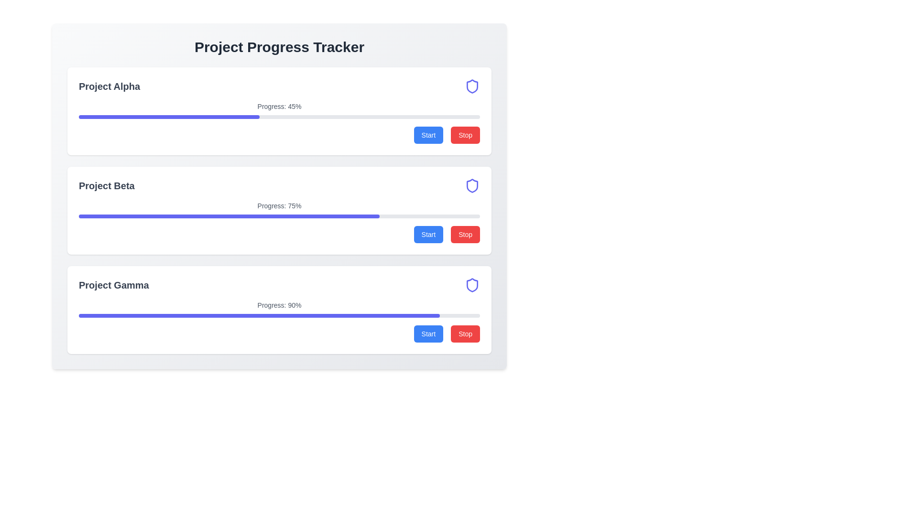 The width and height of the screenshot is (918, 516). Describe the element at coordinates (279, 216) in the screenshot. I see `the progress bar representing 'Project Beta' which shows 75% completion, located below the 'Progress: 75%' label and above the 'Start' and 'Stop' buttons` at that location.